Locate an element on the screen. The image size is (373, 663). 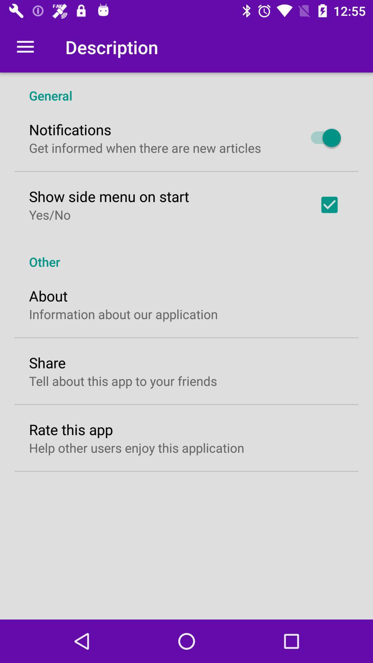
icon next to the description is located at coordinates (25, 47).